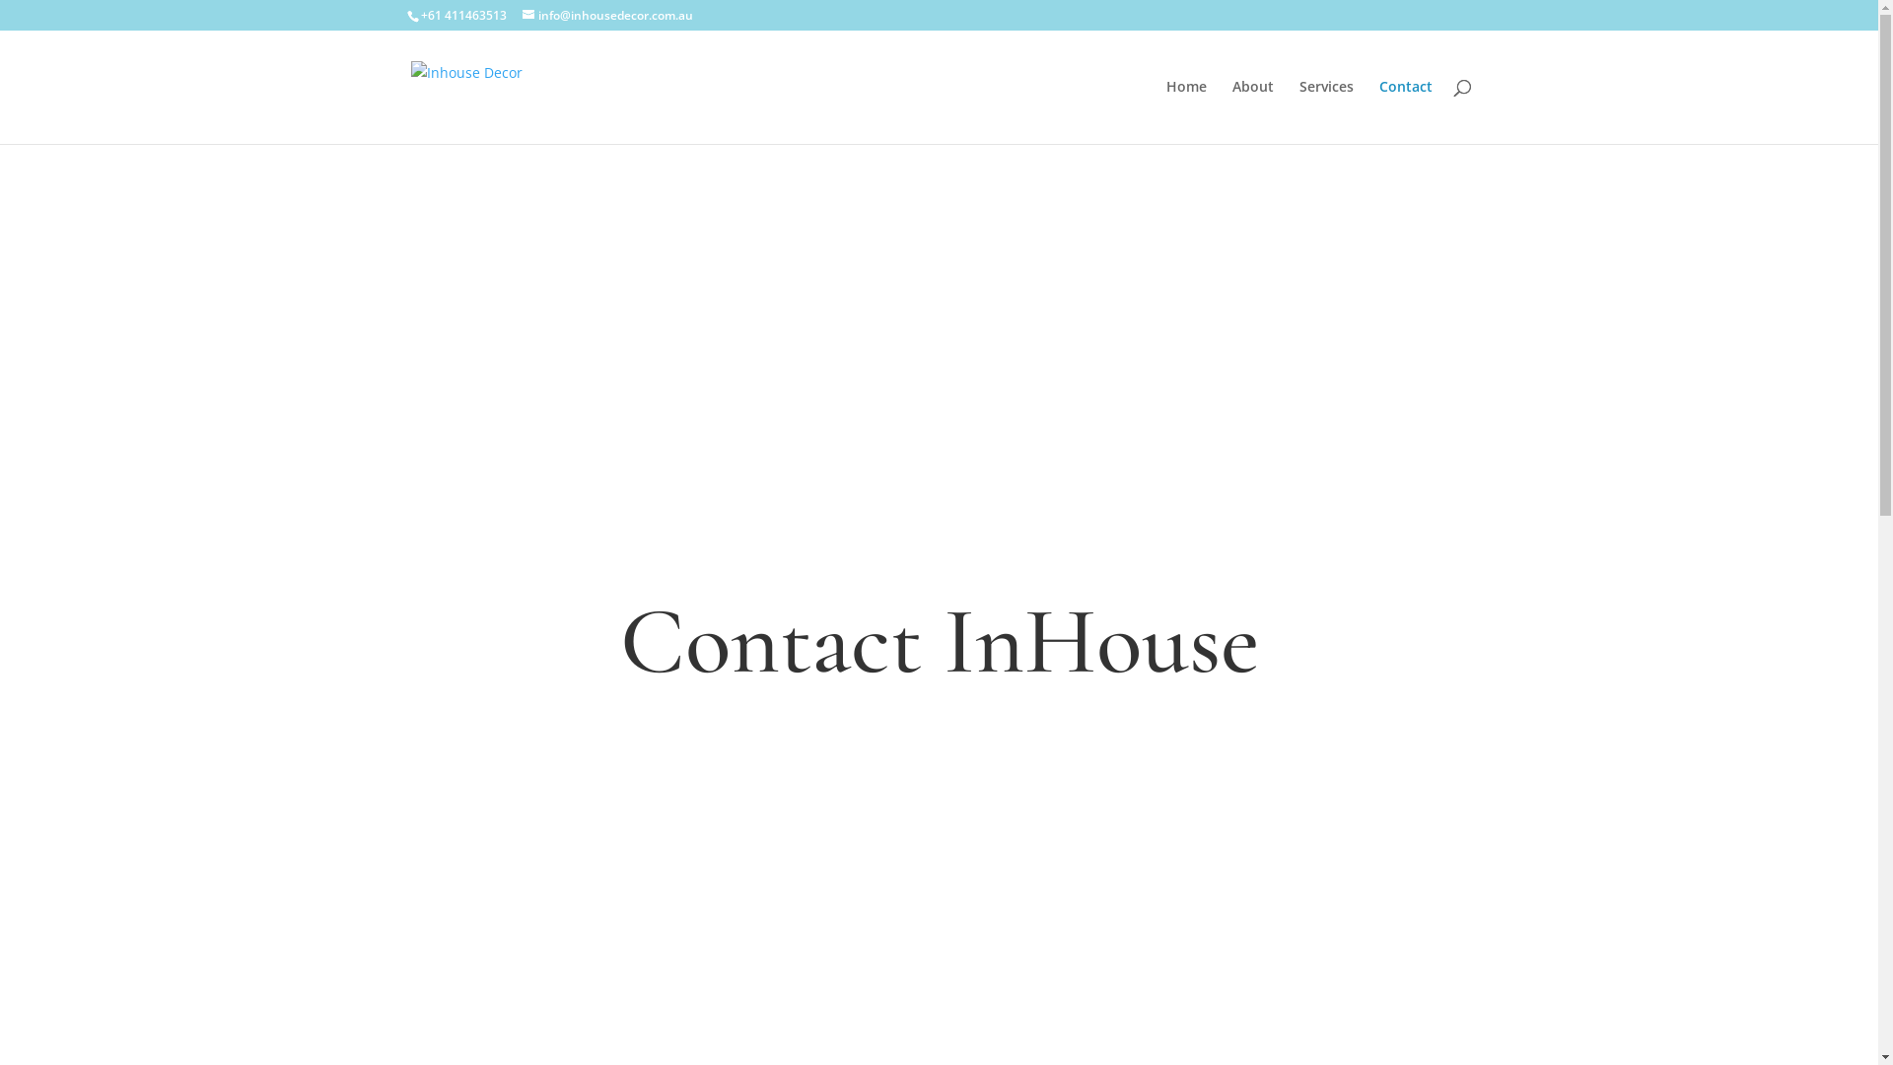 This screenshot has width=1893, height=1065. I want to click on 'info@inhousedecor.com.au', so click(522, 15).